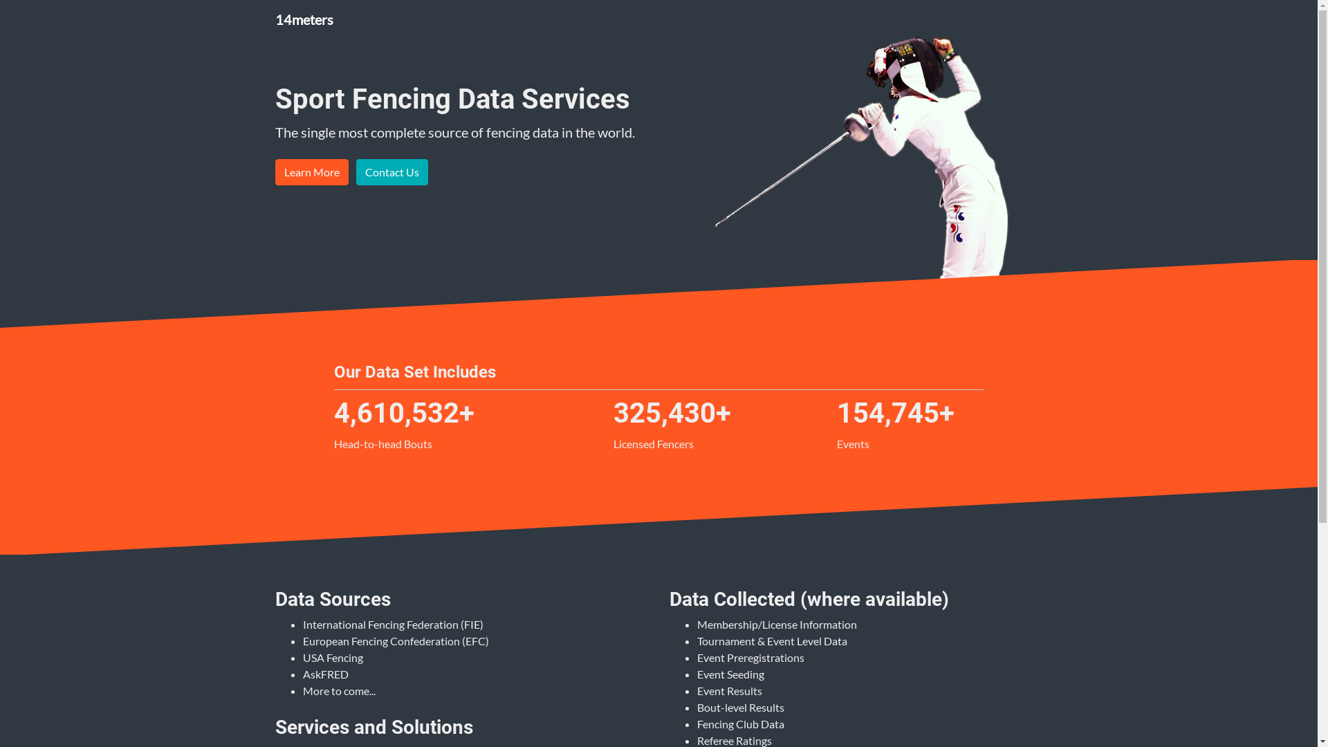 This screenshot has width=1328, height=747. What do you see at coordinates (304, 19) in the screenshot?
I see `'14meters'` at bounding box center [304, 19].